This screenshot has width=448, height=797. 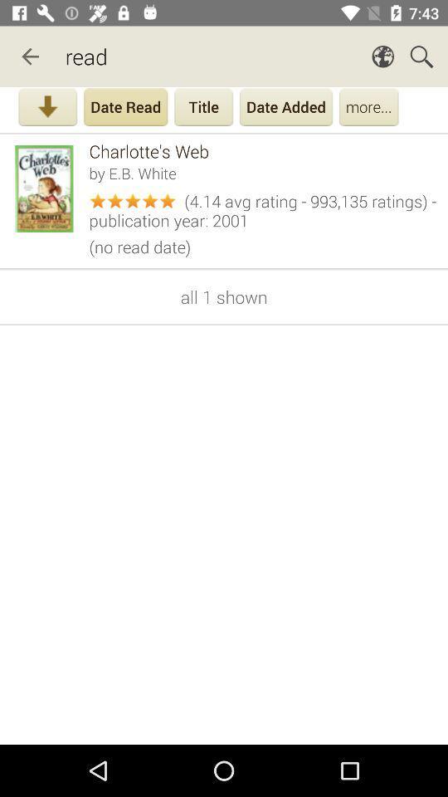 What do you see at coordinates (263, 208) in the screenshot?
I see `the item above (no read date) icon` at bounding box center [263, 208].